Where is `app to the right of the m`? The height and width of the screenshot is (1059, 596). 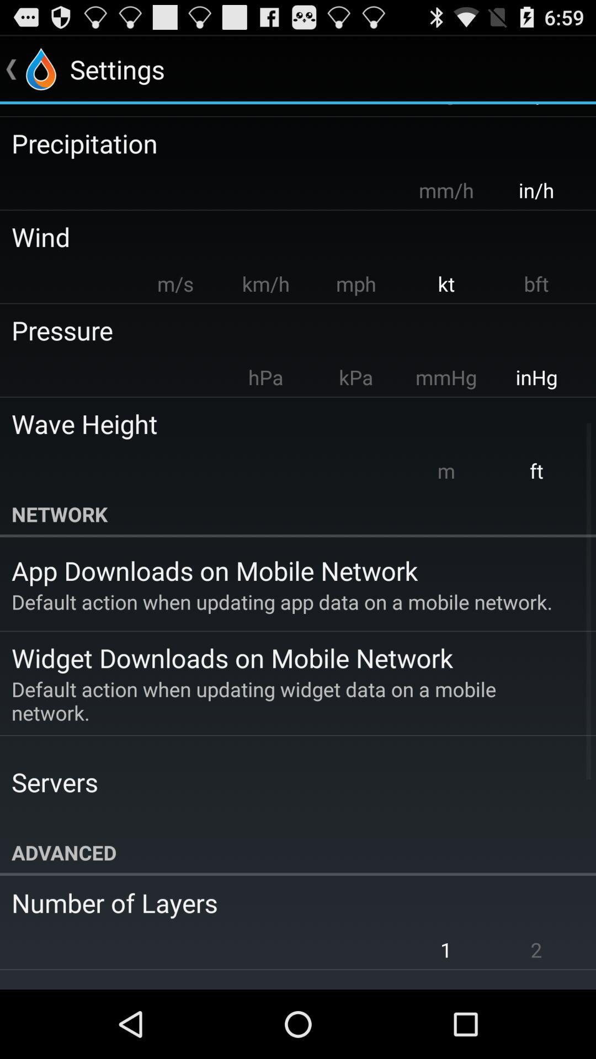
app to the right of the m is located at coordinates (536, 470).